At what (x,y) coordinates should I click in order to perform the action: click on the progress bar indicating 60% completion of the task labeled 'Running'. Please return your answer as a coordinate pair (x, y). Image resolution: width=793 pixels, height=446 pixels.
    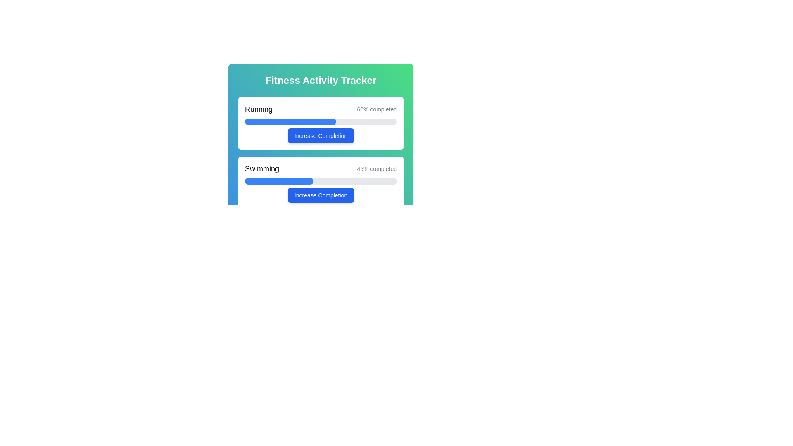
    Looking at the image, I should click on (321, 121).